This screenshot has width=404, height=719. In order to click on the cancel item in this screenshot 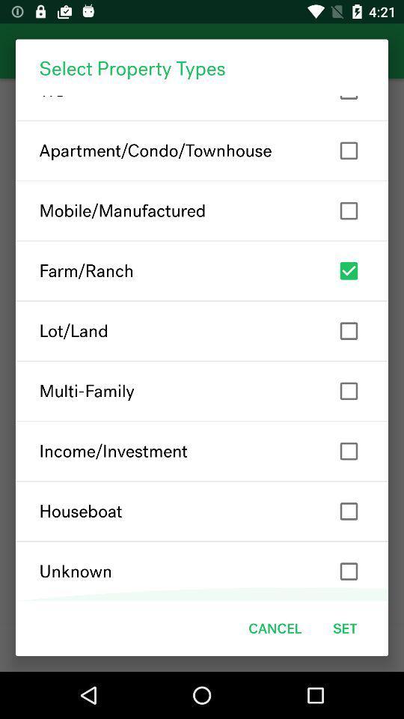, I will do `click(274, 628)`.